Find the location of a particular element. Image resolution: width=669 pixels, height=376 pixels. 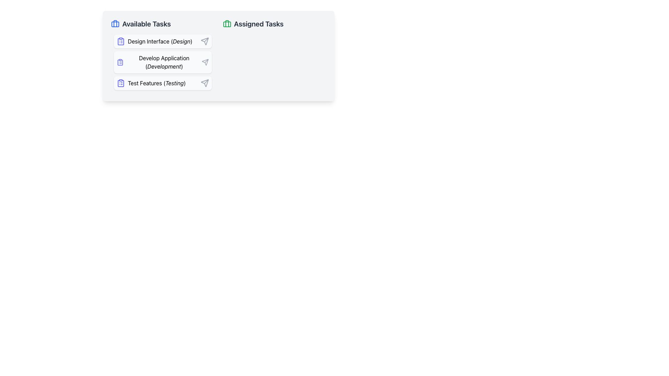

the decorative icon located at the right end of the 'Test Features (Testing)' task in the 'Available Tasks' section is located at coordinates (204, 83).